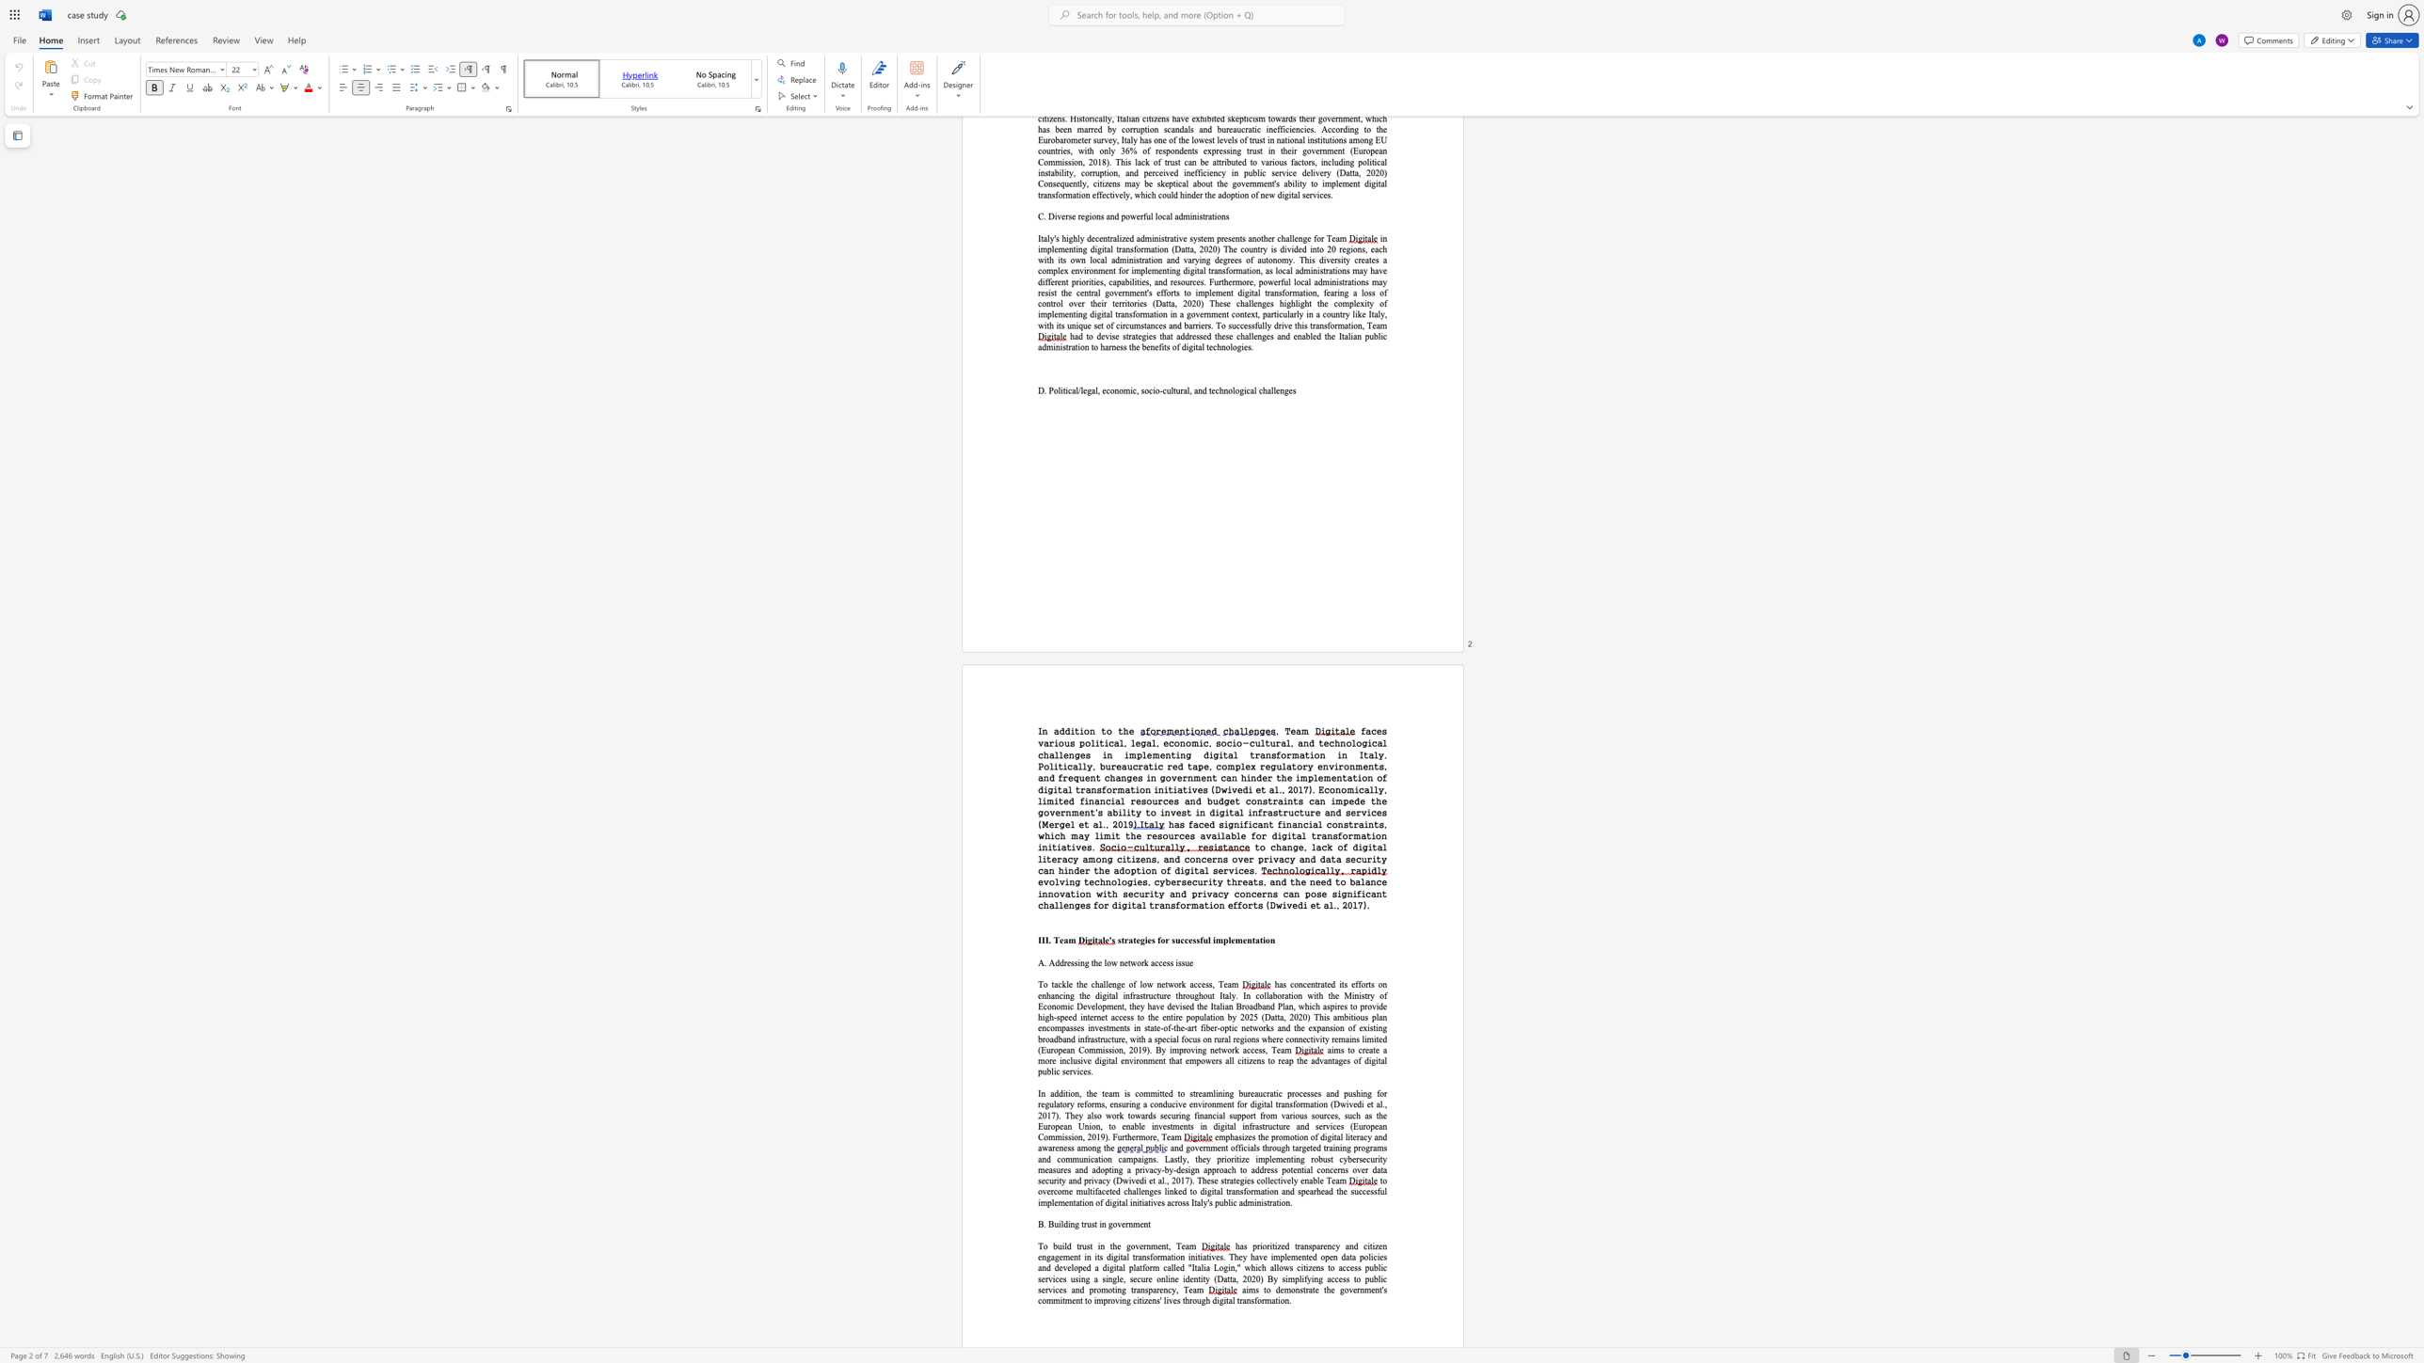 The height and width of the screenshot is (1363, 2424). What do you see at coordinates (1363, 1038) in the screenshot?
I see `the subset text "imited (Europ" within the text "us on rural regions where connectivity remains limited (European Commission, 2019). By improving network access, Team"` at bounding box center [1363, 1038].